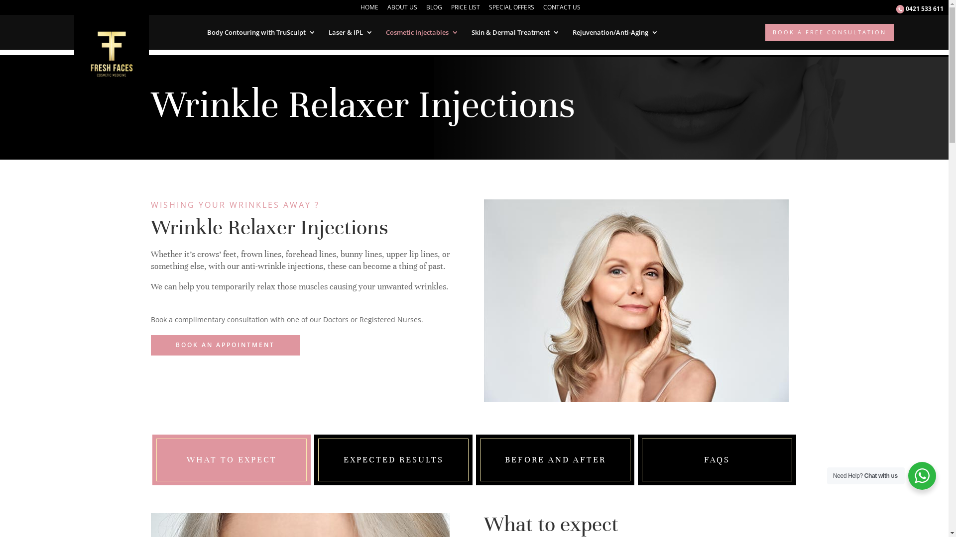 The height and width of the screenshot is (537, 956). What do you see at coordinates (562, 9) in the screenshot?
I see `'CONTACT US'` at bounding box center [562, 9].